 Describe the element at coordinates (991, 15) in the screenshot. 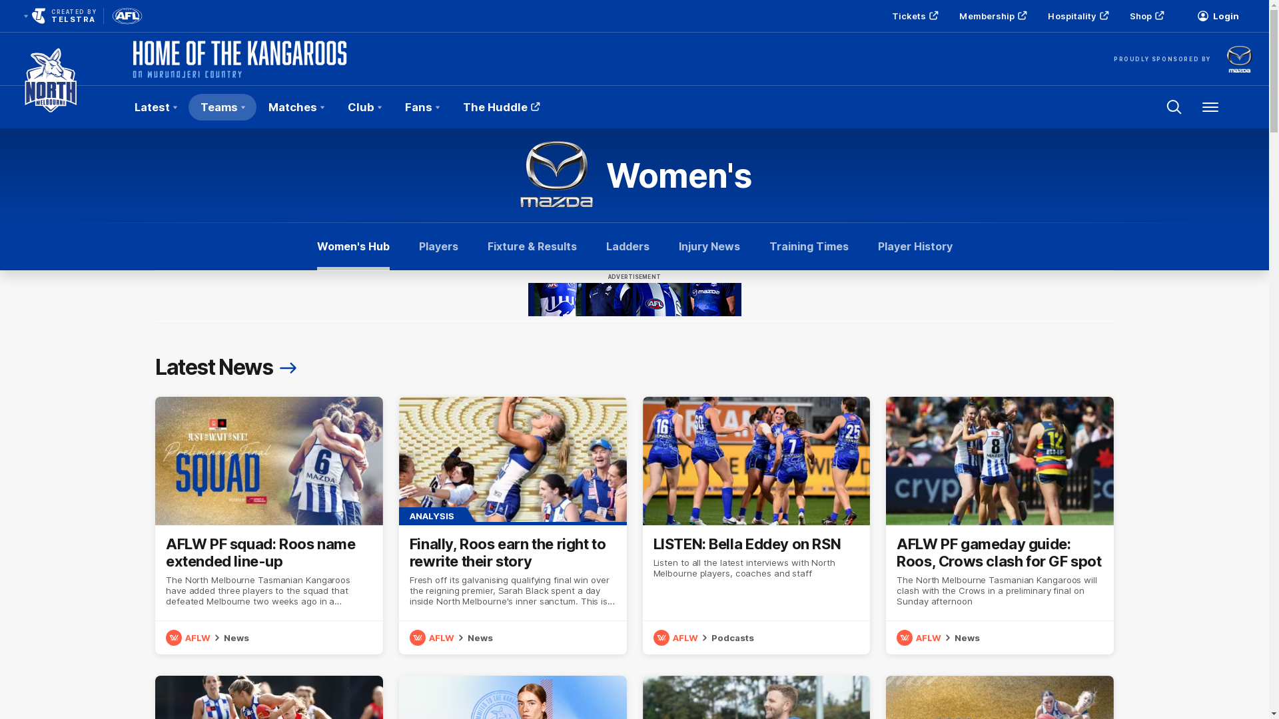

I see `'Membership'` at that location.